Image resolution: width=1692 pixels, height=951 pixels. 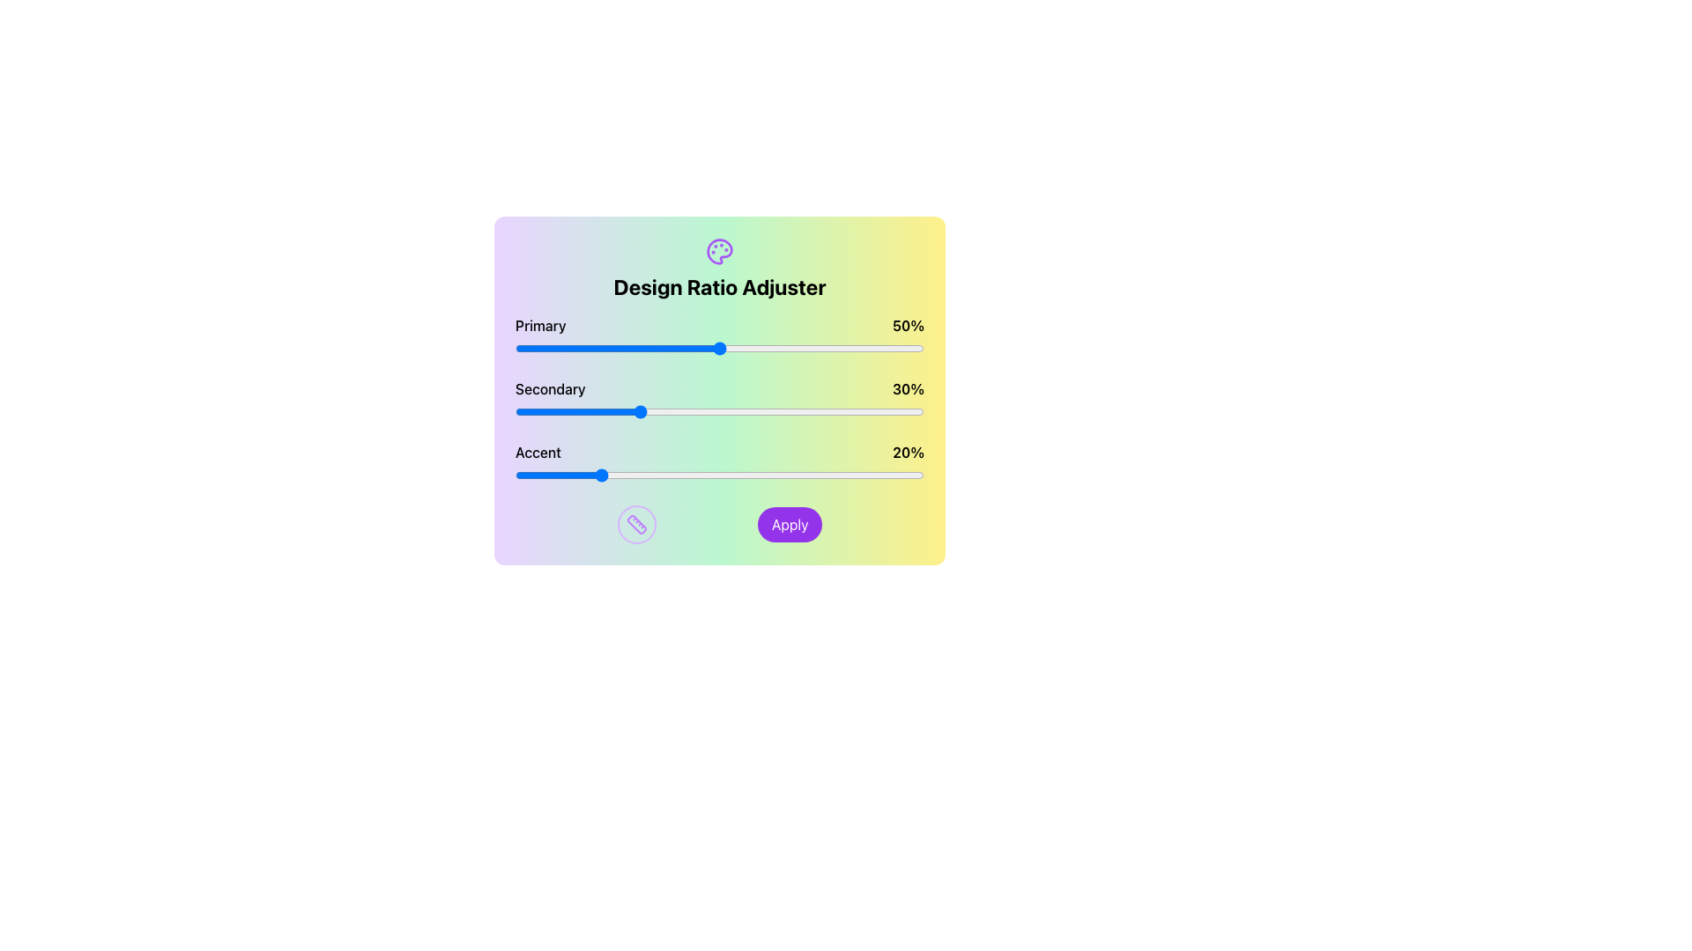 I want to click on value displayed as '50%' which is positioned on the far right of the interface, aligned with the 'Primary' label and slider, so click(x=909, y=326).